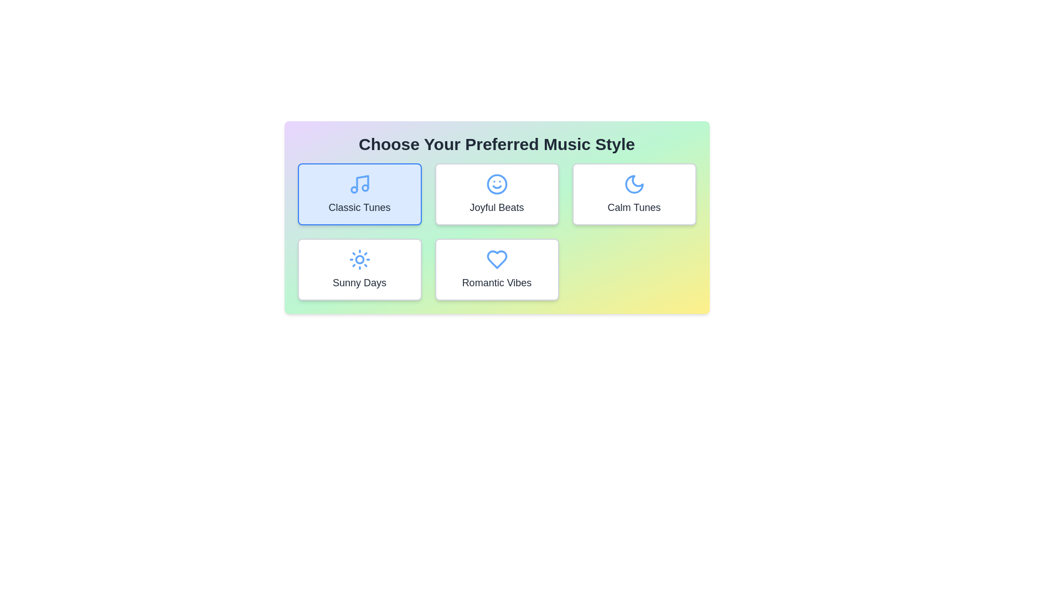 The height and width of the screenshot is (598, 1063). I want to click on the 'Classic Tunes' category icon, which is the first selectable card in the options grid located in the upper-left corner, so click(359, 183).